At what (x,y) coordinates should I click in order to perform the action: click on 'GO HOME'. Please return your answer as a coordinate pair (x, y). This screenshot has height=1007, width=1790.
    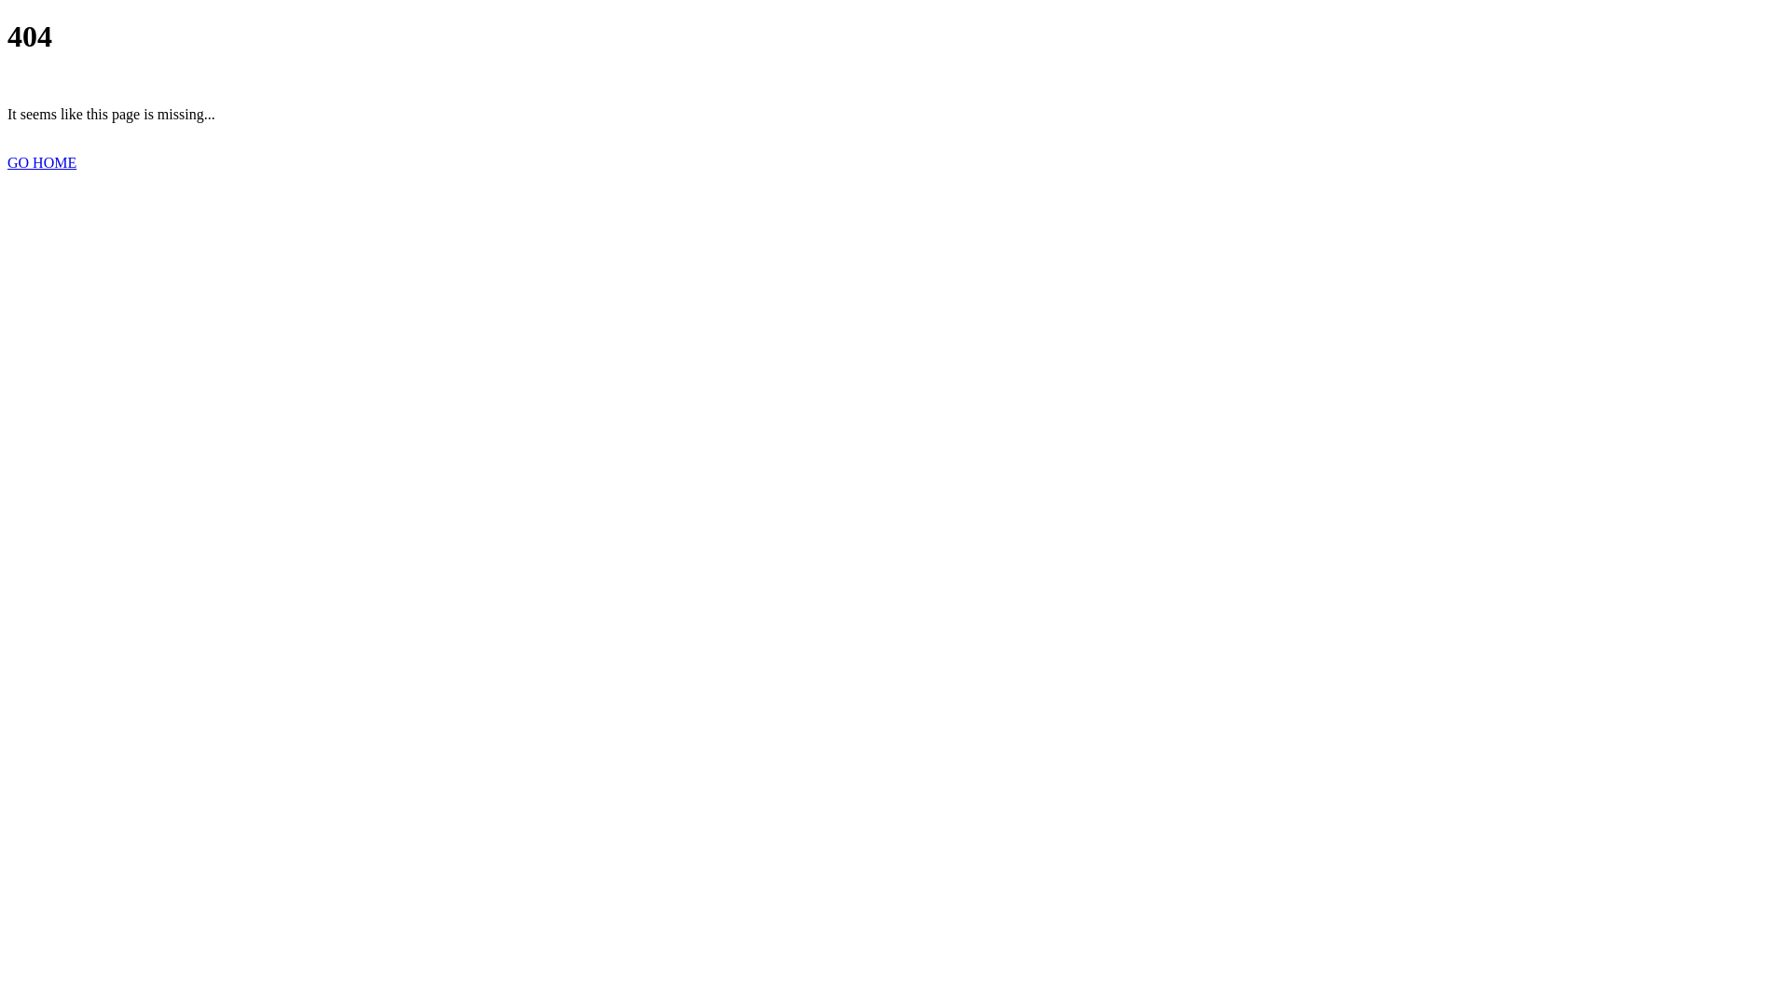
    Looking at the image, I should click on (41, 161).